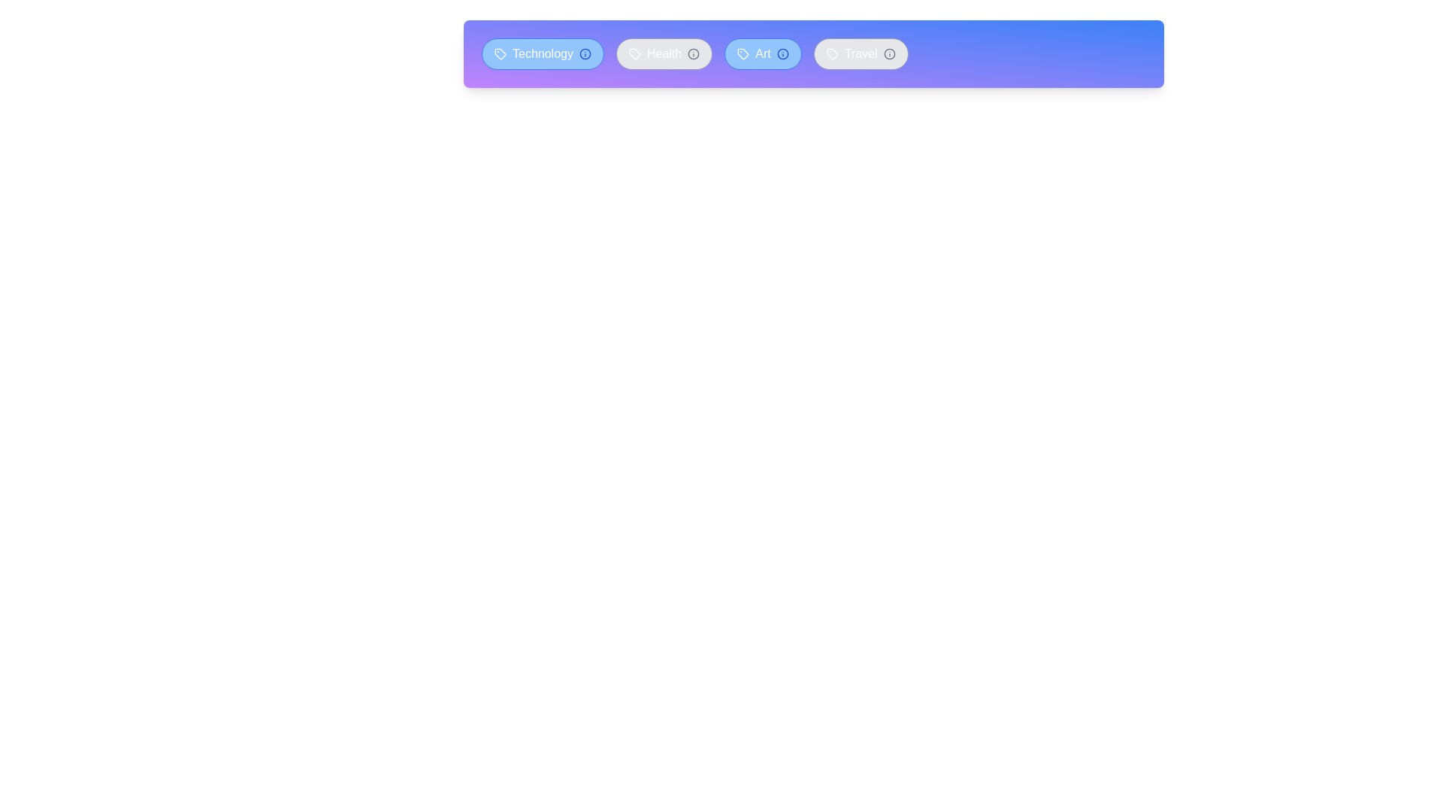 The height and width of the screenshot is (812, 1443). What do you see at coordinates (861, 53) in the screenshot?
I see `the tag labeled Travel` at bounding box center [861, 53].